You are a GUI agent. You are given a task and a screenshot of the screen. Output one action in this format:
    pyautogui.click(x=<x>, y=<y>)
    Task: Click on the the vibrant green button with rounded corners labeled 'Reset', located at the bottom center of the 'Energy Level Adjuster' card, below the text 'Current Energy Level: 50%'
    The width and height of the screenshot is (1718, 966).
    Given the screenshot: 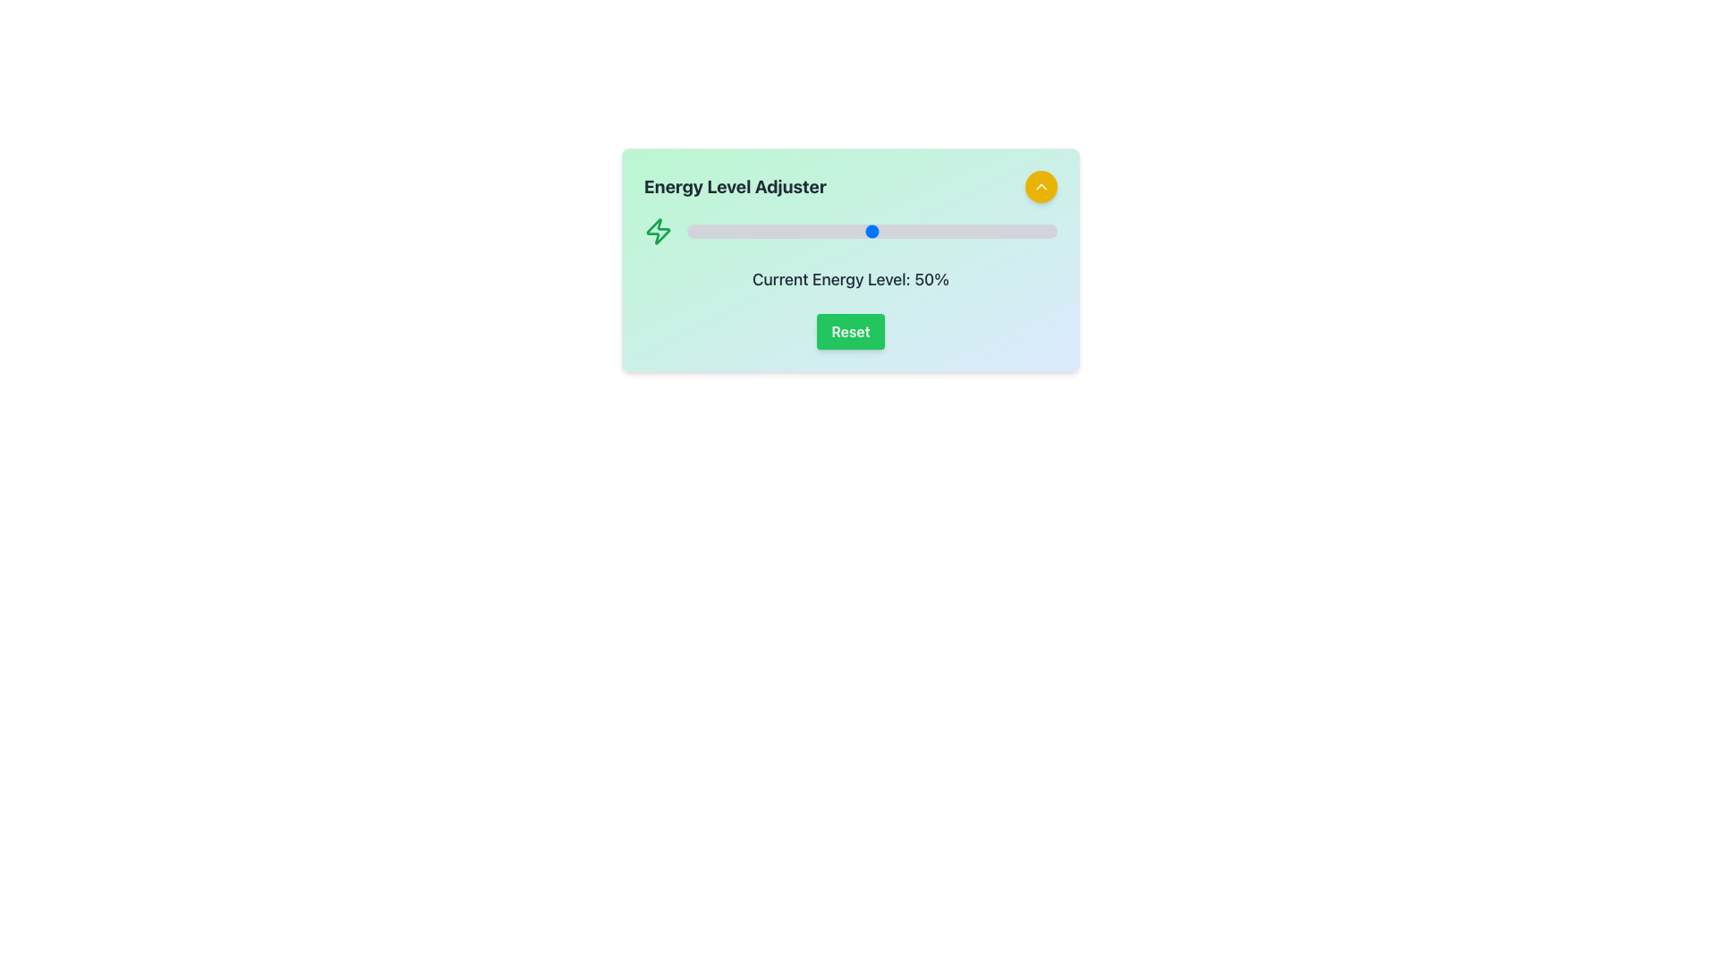 What is the action you would take?
    pyautogui.click(x=849, y=331)
    